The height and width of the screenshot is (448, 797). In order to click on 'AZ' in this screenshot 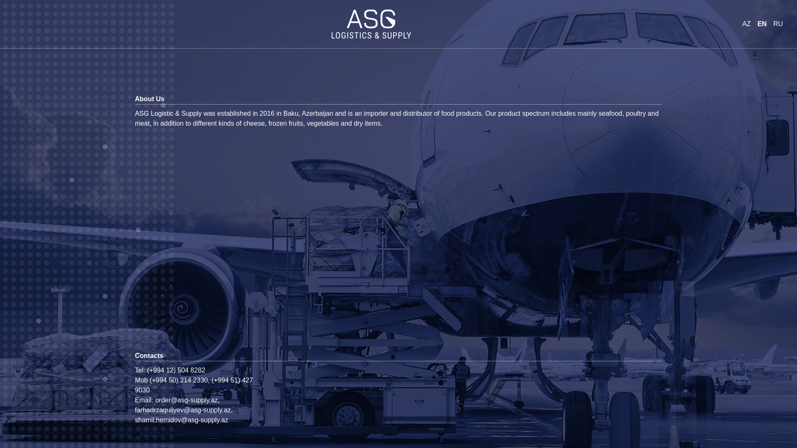, I will do `click(746, 23)`.